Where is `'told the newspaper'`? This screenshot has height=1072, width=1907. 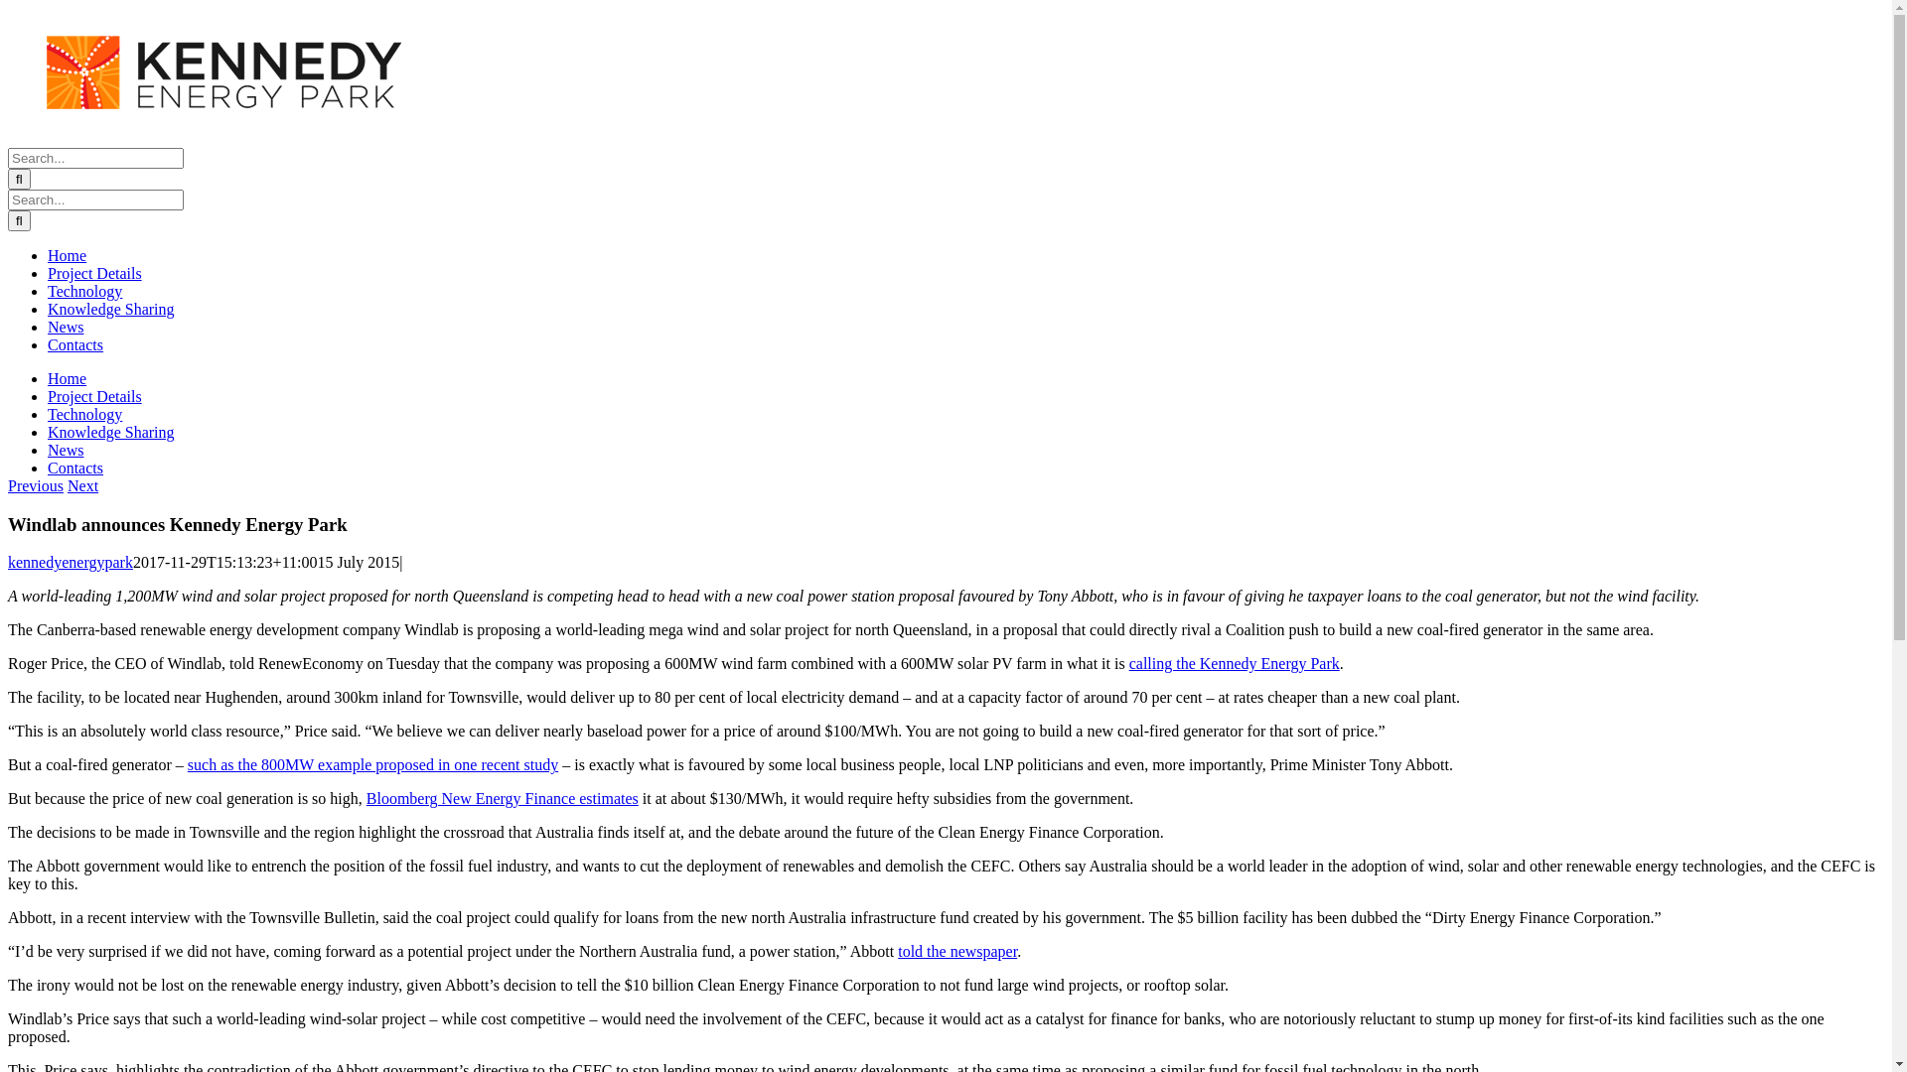 'told the newspaper' is located at coordinates (957, 950).